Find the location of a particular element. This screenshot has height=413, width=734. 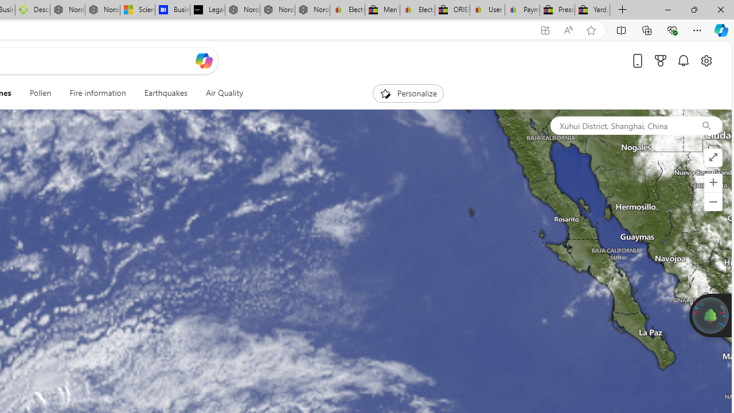

'App available. Install Microsoft Start Weather' is located at coordinates (545, 30).